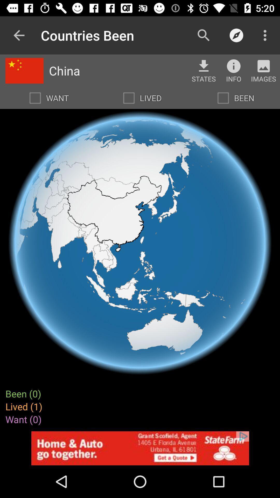 Image resolution: width=280 pixels, height=498 pixels. I want to click on more information, so click(234, 66).